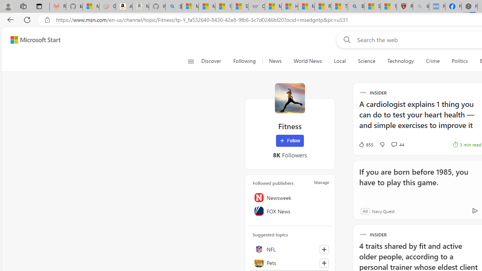 The width and height of the screenshot is (482, 271). Describe the element at coordinates (433, 61) in the screenshot. I see `'Crime'` at that location.